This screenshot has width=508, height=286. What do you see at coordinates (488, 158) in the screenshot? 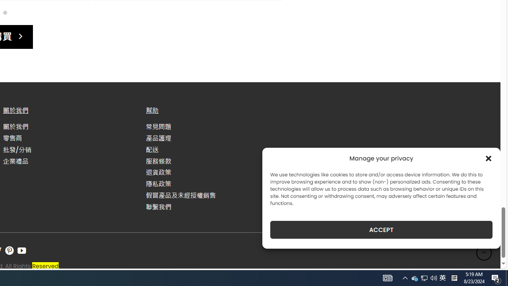
I see `'Class: cmplz-close'` at bounding box center [488, 158].